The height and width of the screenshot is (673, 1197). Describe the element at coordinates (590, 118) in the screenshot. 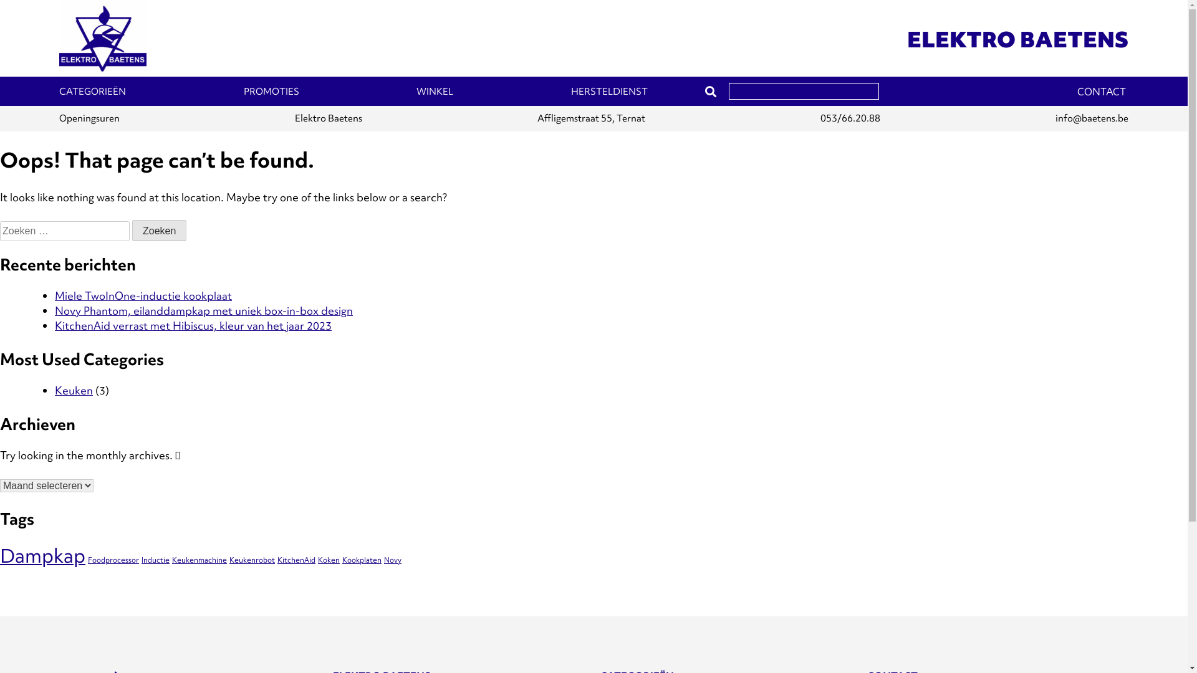

I see `'Affligemstraat 55, Ternat'` at that location.